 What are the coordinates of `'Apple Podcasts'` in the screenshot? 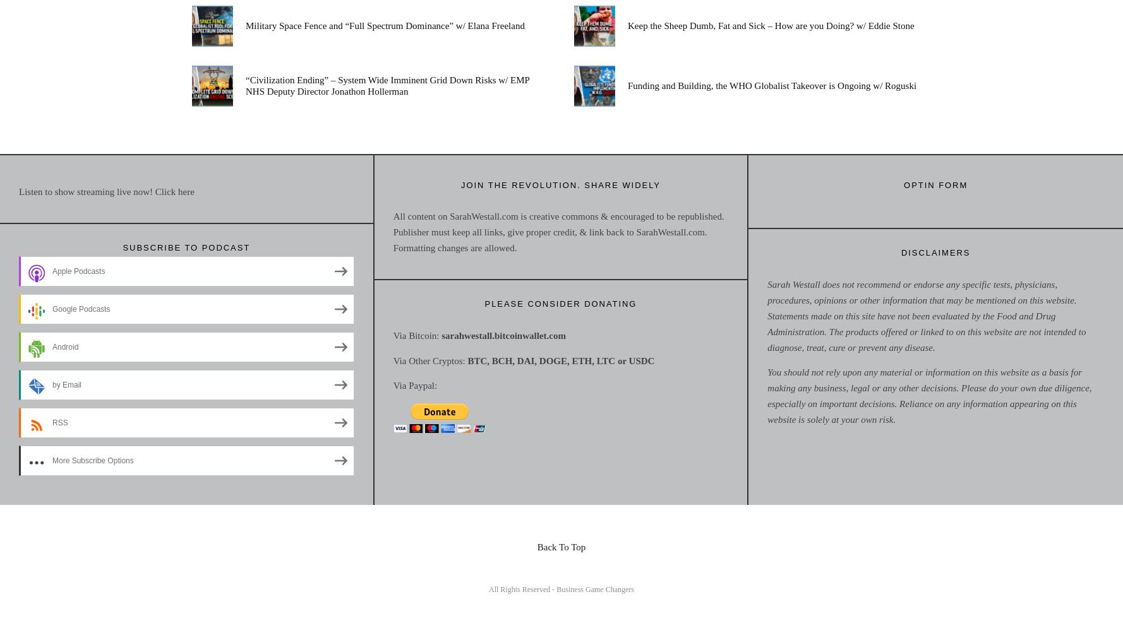 It's located at (78, 271).